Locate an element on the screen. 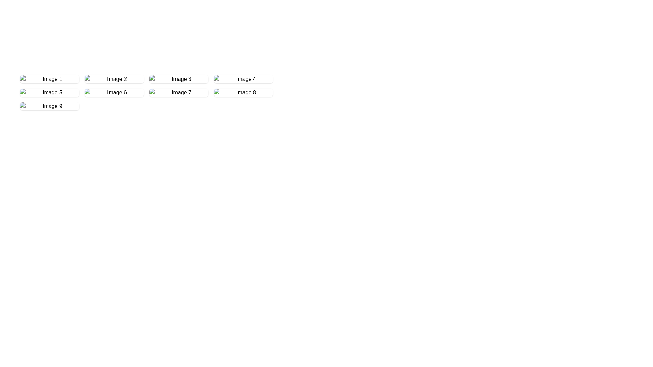  the second clickable grid item in the first row is located at coordinates (114, 78).